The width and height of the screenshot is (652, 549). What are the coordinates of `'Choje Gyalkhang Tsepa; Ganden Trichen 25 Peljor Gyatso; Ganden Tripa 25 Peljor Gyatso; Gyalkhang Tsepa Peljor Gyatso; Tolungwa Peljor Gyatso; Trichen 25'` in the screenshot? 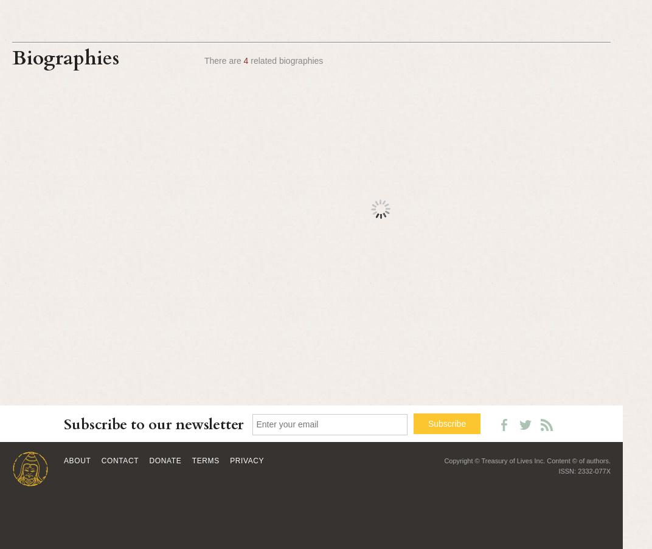 It's located at (443, 527).